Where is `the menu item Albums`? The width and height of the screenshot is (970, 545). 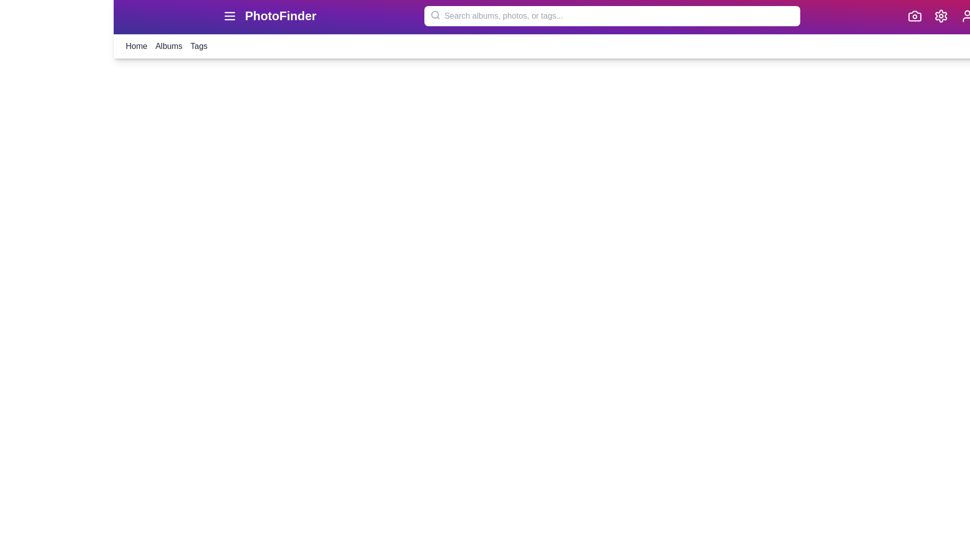 the menu item Albums is located at coordinates (169, 46).